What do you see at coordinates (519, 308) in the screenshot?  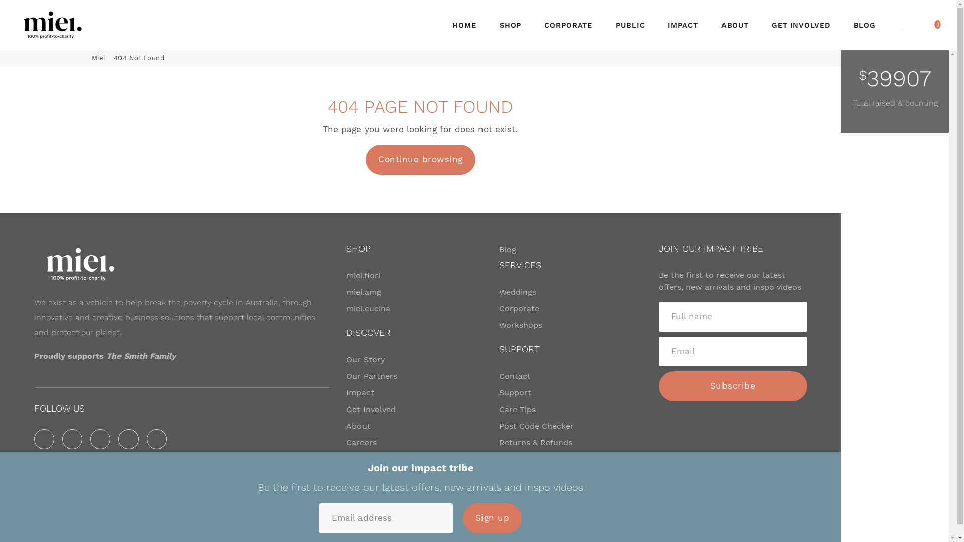 I see `'Corporate'` at bounding box center [519, 308].